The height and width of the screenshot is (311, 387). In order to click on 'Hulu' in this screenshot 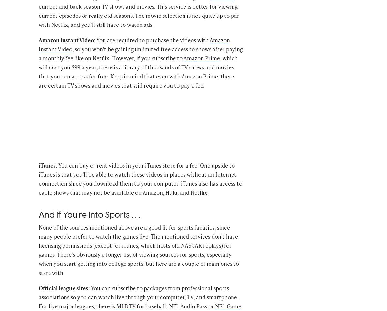, I will do `click(45, 6)`.